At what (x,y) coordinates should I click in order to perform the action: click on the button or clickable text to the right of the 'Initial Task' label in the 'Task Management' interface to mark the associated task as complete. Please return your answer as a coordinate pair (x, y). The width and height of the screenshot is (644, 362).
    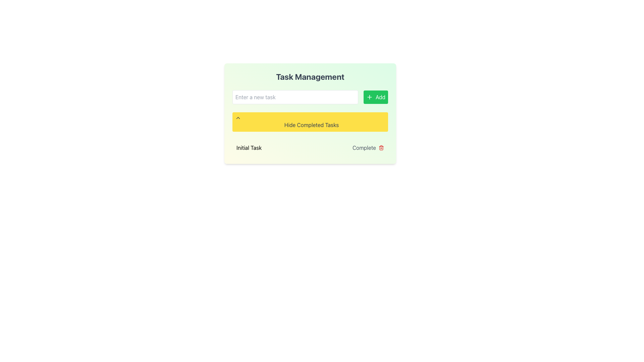
    Looking at the image, I should click on (368, 147).